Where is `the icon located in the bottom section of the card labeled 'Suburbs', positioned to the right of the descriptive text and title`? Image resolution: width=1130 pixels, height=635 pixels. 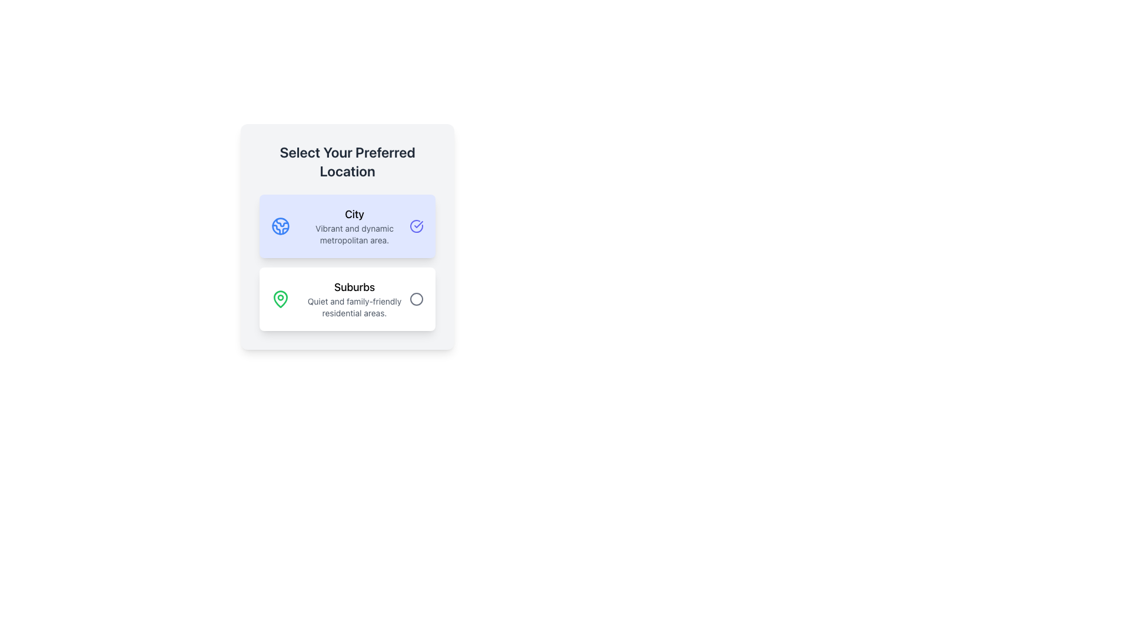
the icon located in the bottom section of the card labeled 'Suburbs', positioned to the right of the descriptive text and title is located at coordinates (417, 299).